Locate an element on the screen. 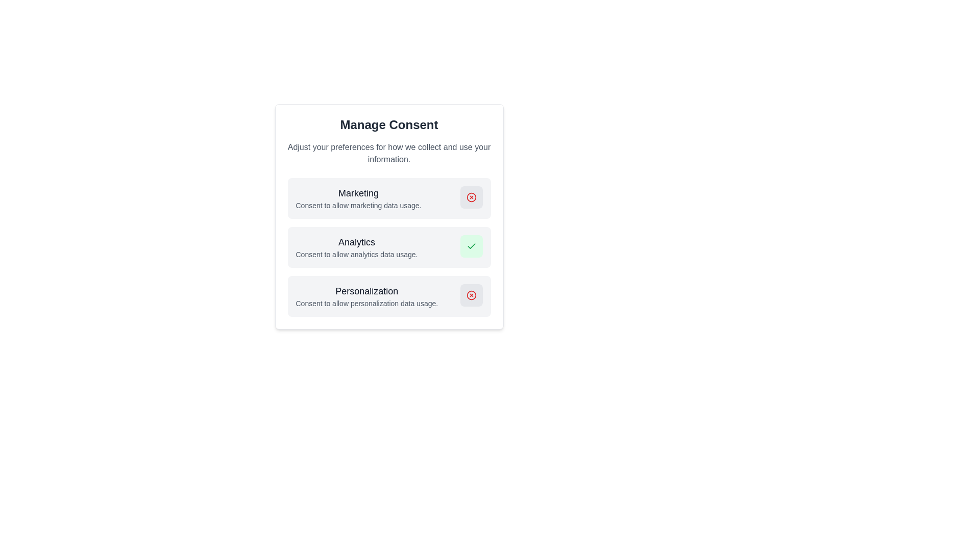  the rightmost dismiss or deselect button, which is part of a rounded rectangle with a gray background, aligning with the associated text is located at coordinates (471, 295).